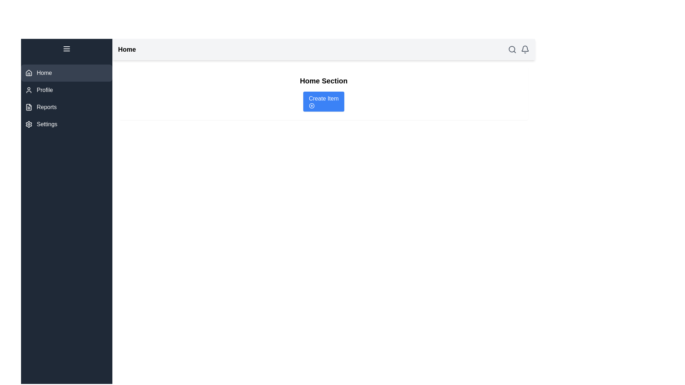  Describe the element at coordinates (46, 124) in the screenshot. I see `the 'Settings' text label located at the bottom of the sidebar navigation menu, styled with white text on a dark background, directly below the 'Reports' menu item` at that location.